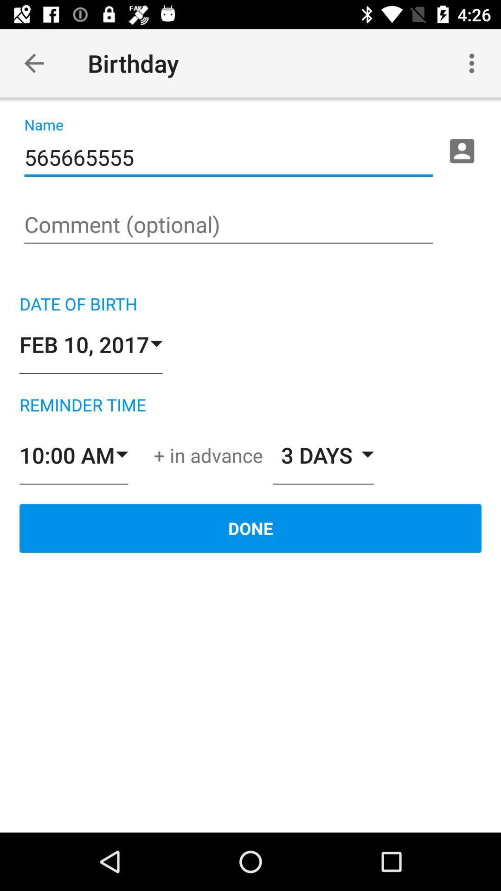  I want to click on the avatar icon, so click(462, 151).